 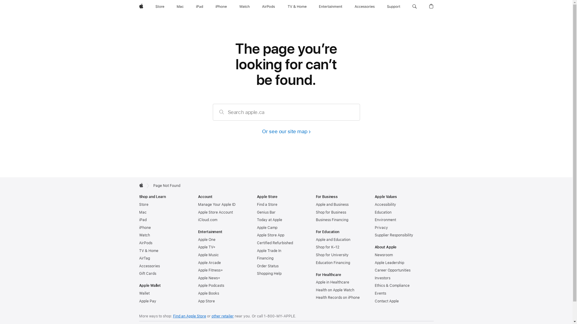 I want to click on 'Watch', so click(x=138, y=235).